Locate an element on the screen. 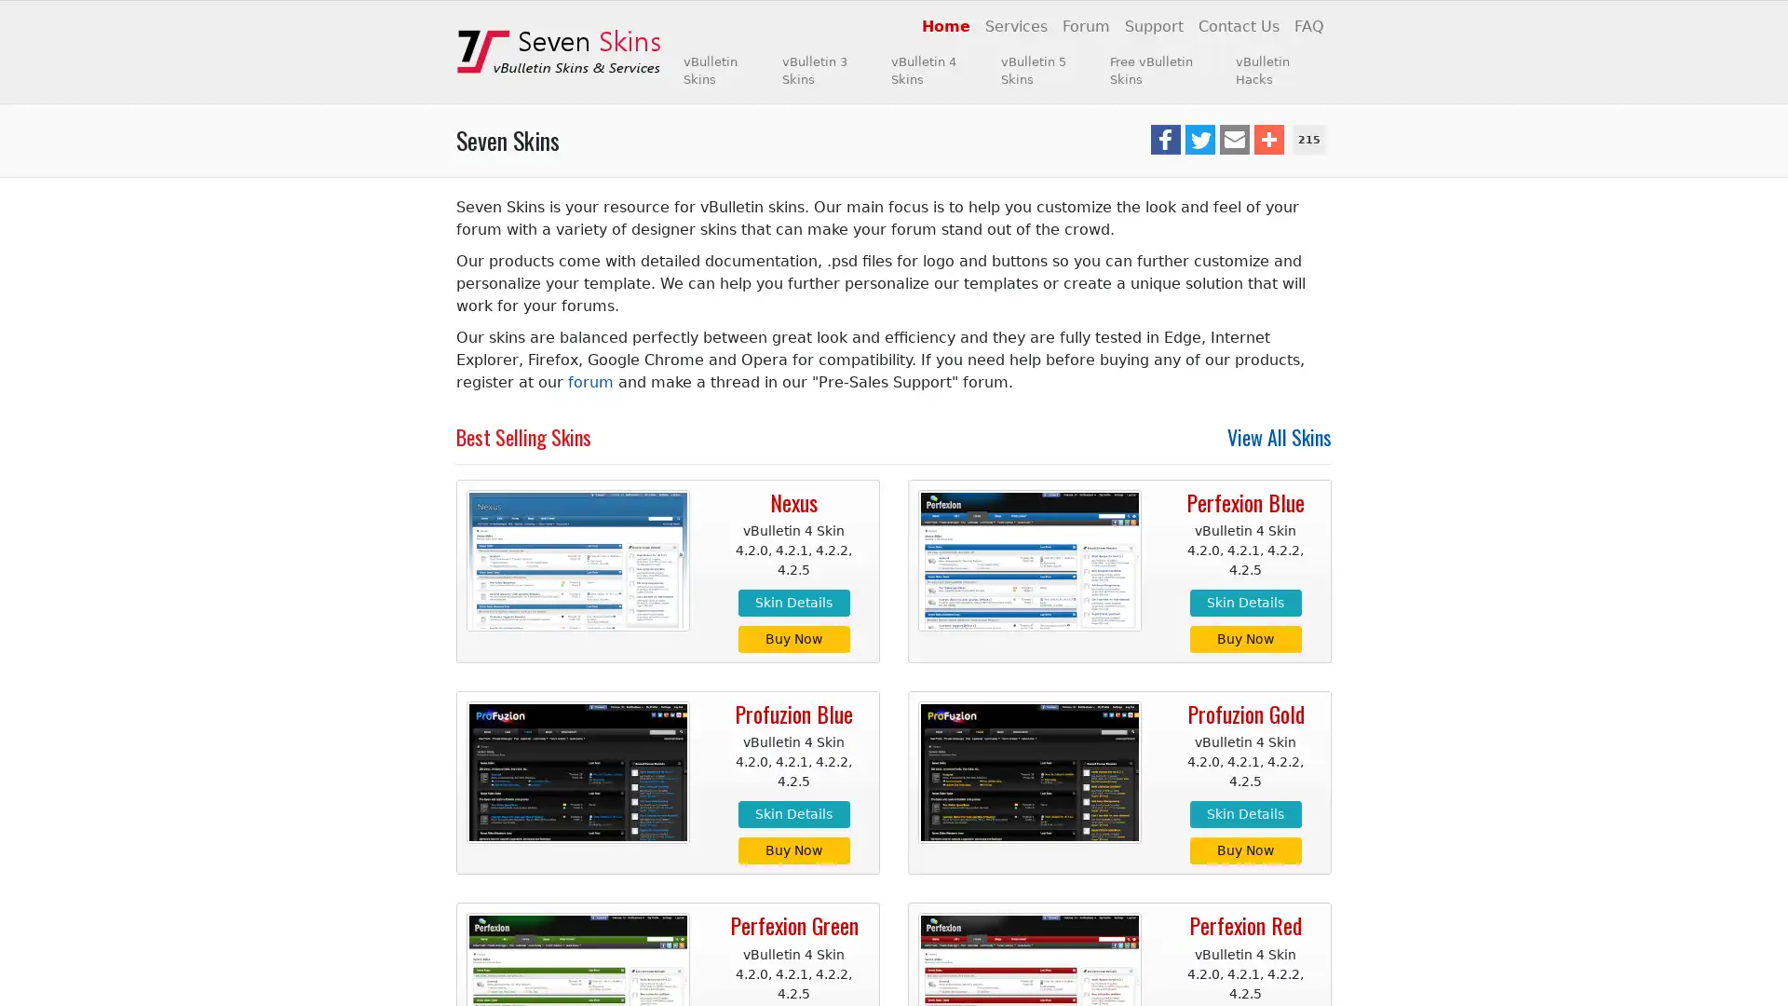  Buy Now is located at coordinates (792, 637).